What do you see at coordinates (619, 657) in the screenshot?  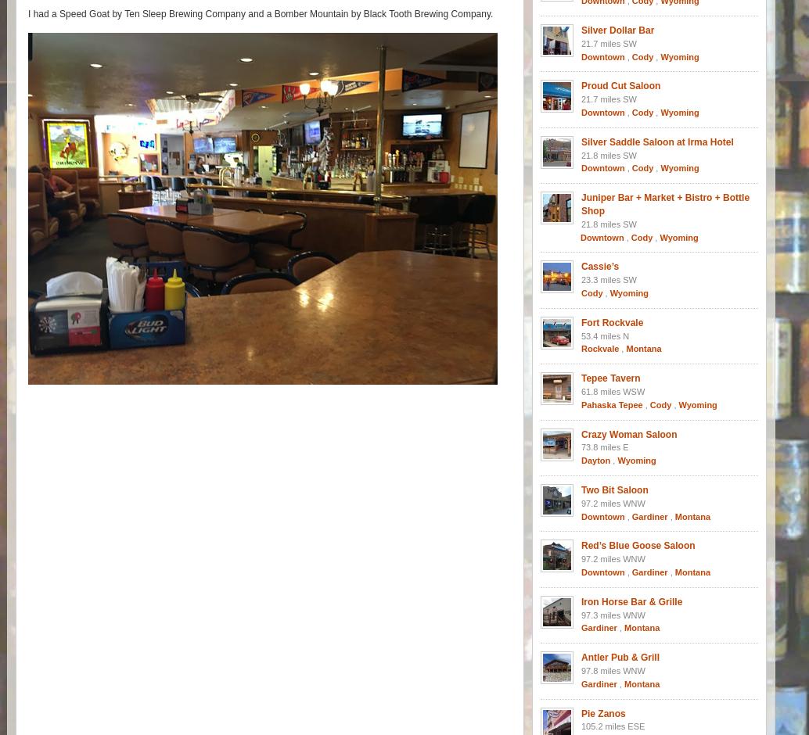 I see `'Antler Pub & Grill'` at bounding box center [619, 657].